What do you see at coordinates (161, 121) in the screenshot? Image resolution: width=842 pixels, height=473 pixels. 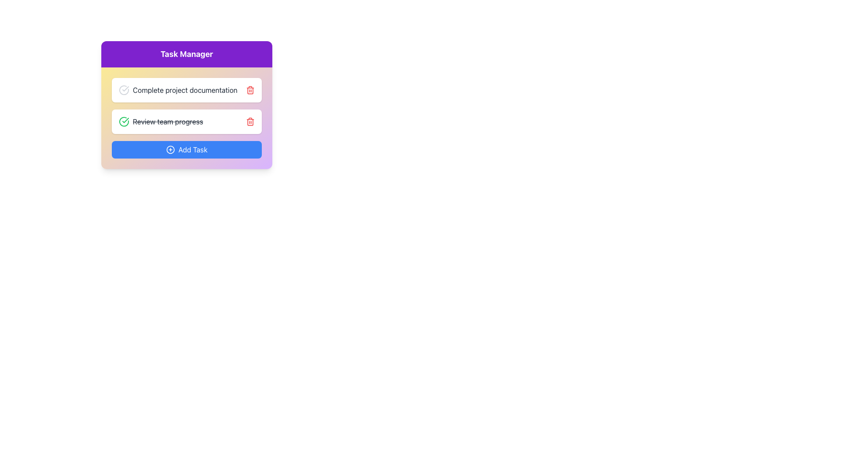 I see `description of the second task item in the task manager interface, which is marked as completed` at bounding box center [161, 121].